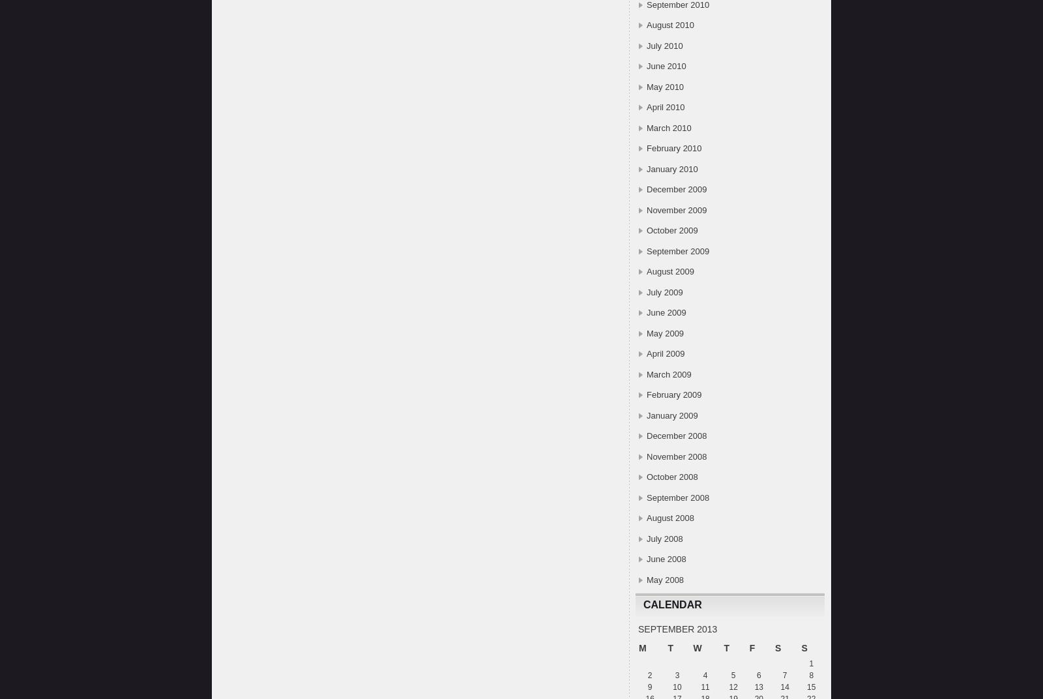  I want to click on '4', so click(705, 675).